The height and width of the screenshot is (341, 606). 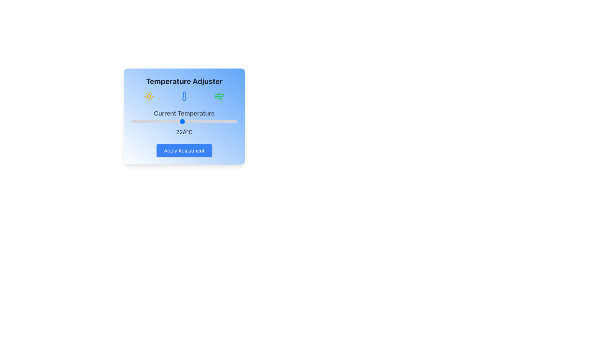 What do you see at coordinates (184, 151) in the screenshot?
I see `the 'Apply Adjustment' button, which is a rectangular button with white text on a blue background, located centrally near the bottom of the temperature adjustment widget` at bounding box center [184, 151].